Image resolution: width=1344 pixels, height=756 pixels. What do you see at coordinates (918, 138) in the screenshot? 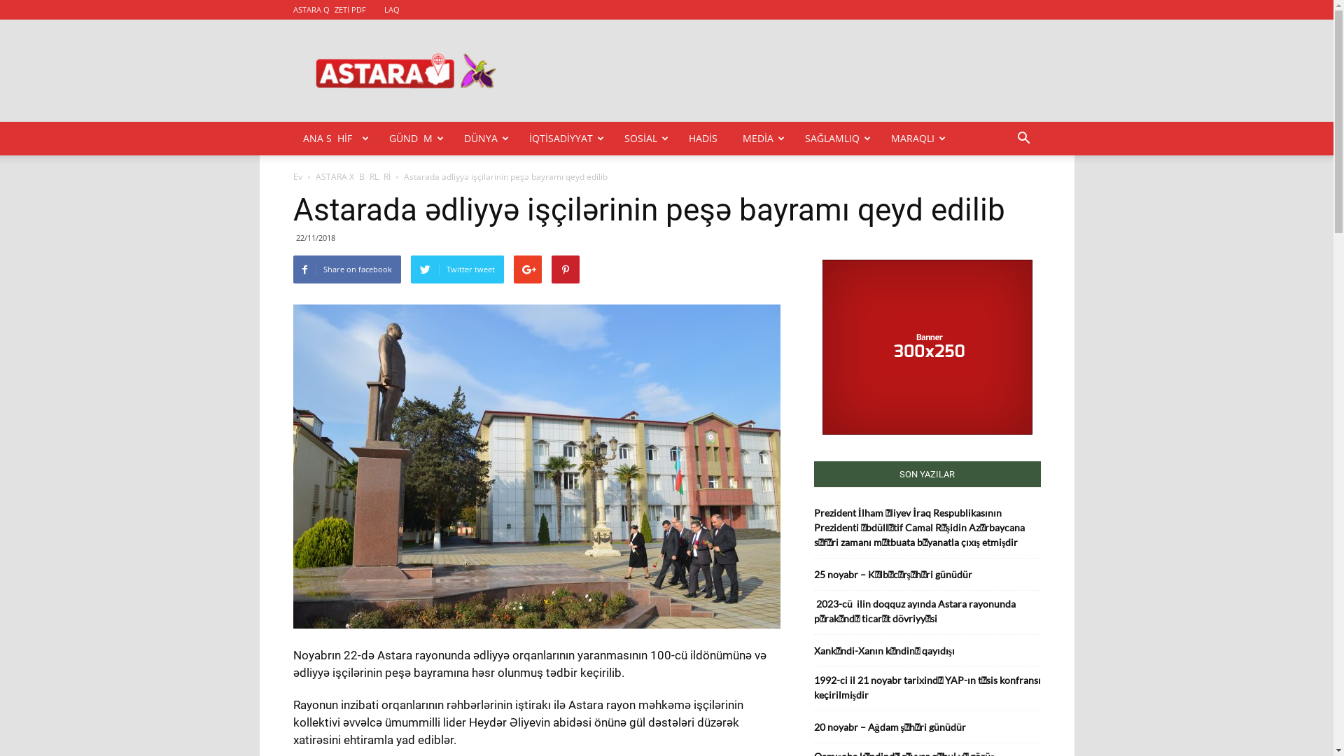
I see `'MARAQLI'` at bounding box center [918, 138].